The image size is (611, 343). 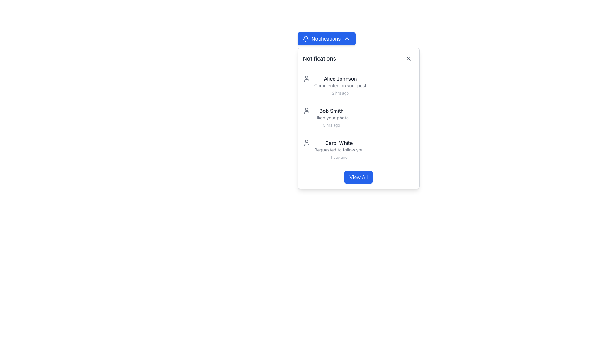 I want to click on timestamp text ('5 hrs ago') located in the notification panel under the message summary ('Liked your photo') from Bob Smith, so click(x=331, y=125).